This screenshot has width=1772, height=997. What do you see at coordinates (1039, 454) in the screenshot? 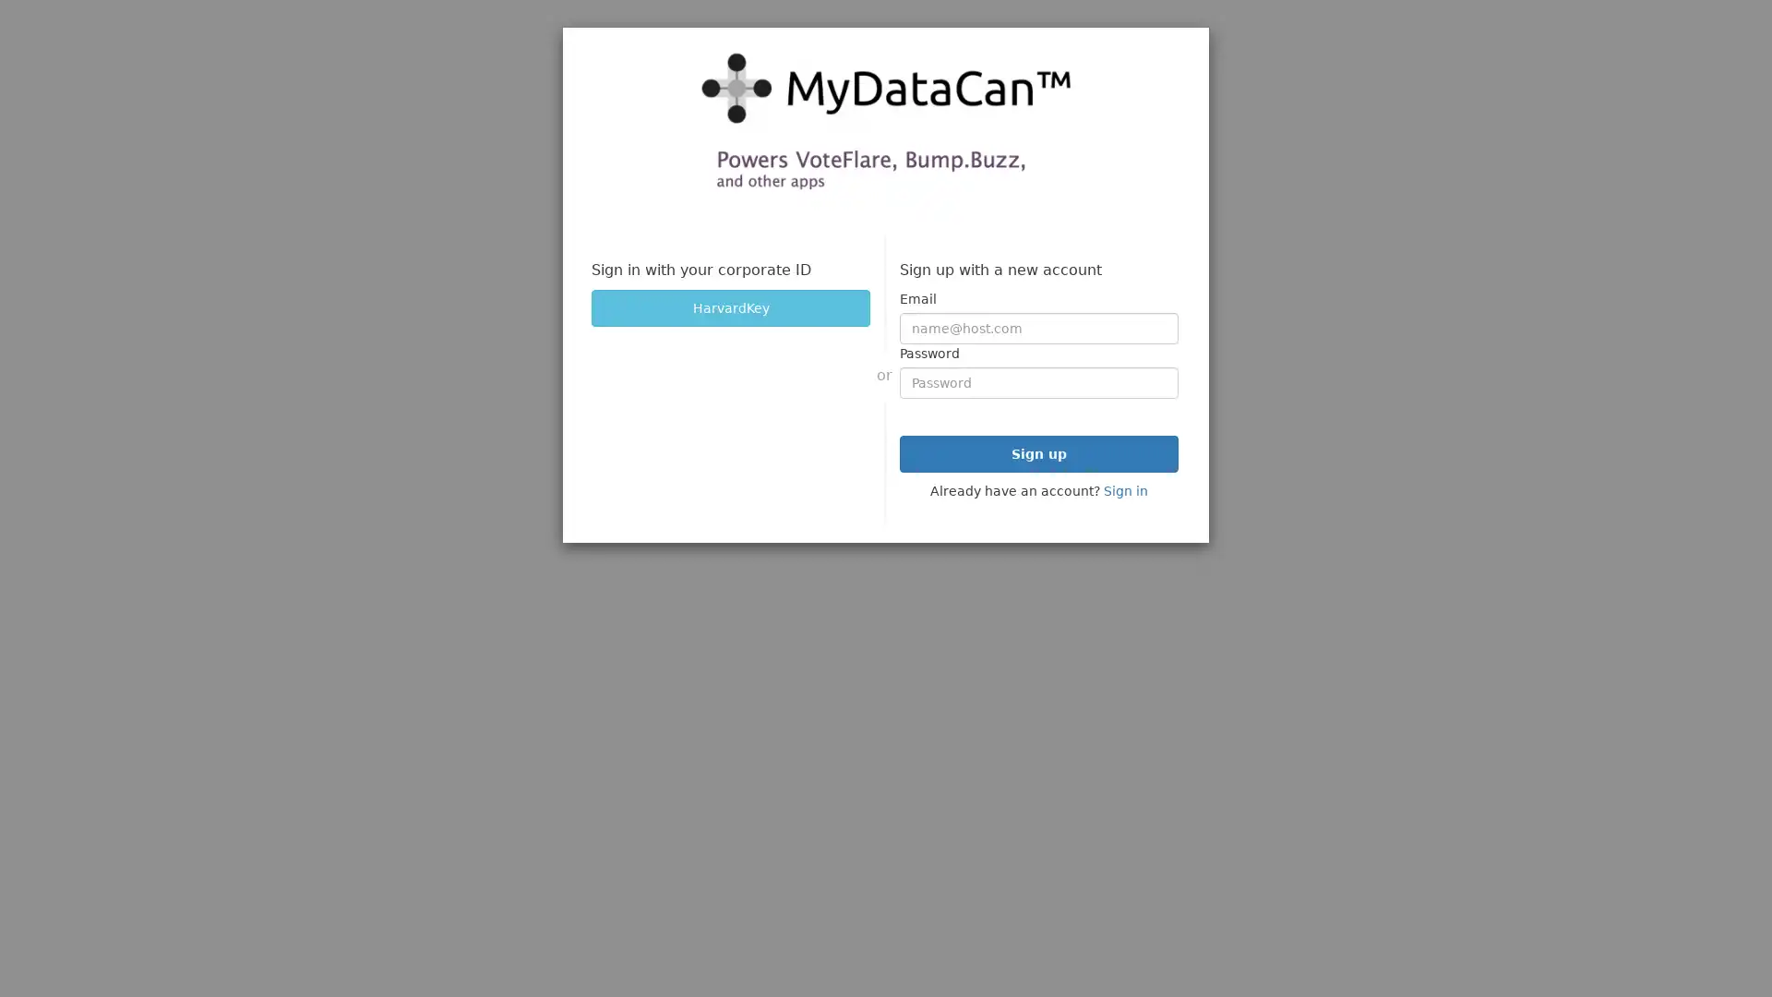
I see `Sign up` at bounding box center [1039, 454].